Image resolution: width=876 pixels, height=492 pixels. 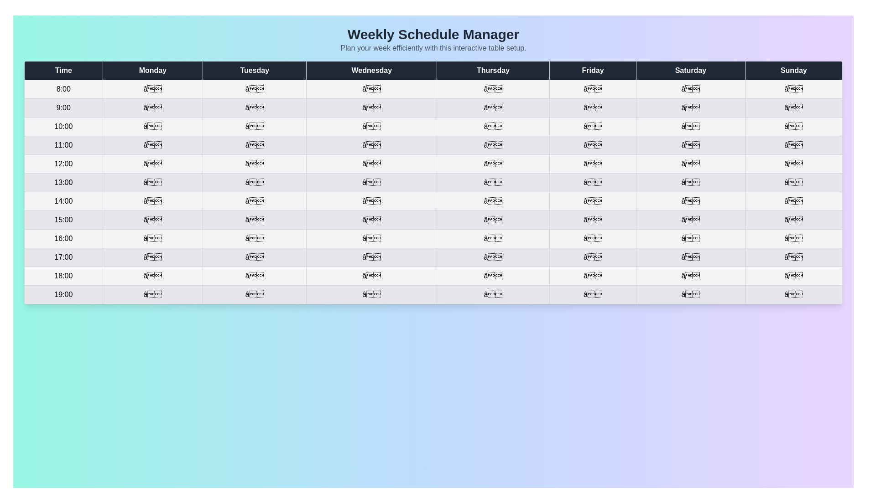 I want to click on the header of the column labeled Friday to sort it, so click(x=593, y=70).